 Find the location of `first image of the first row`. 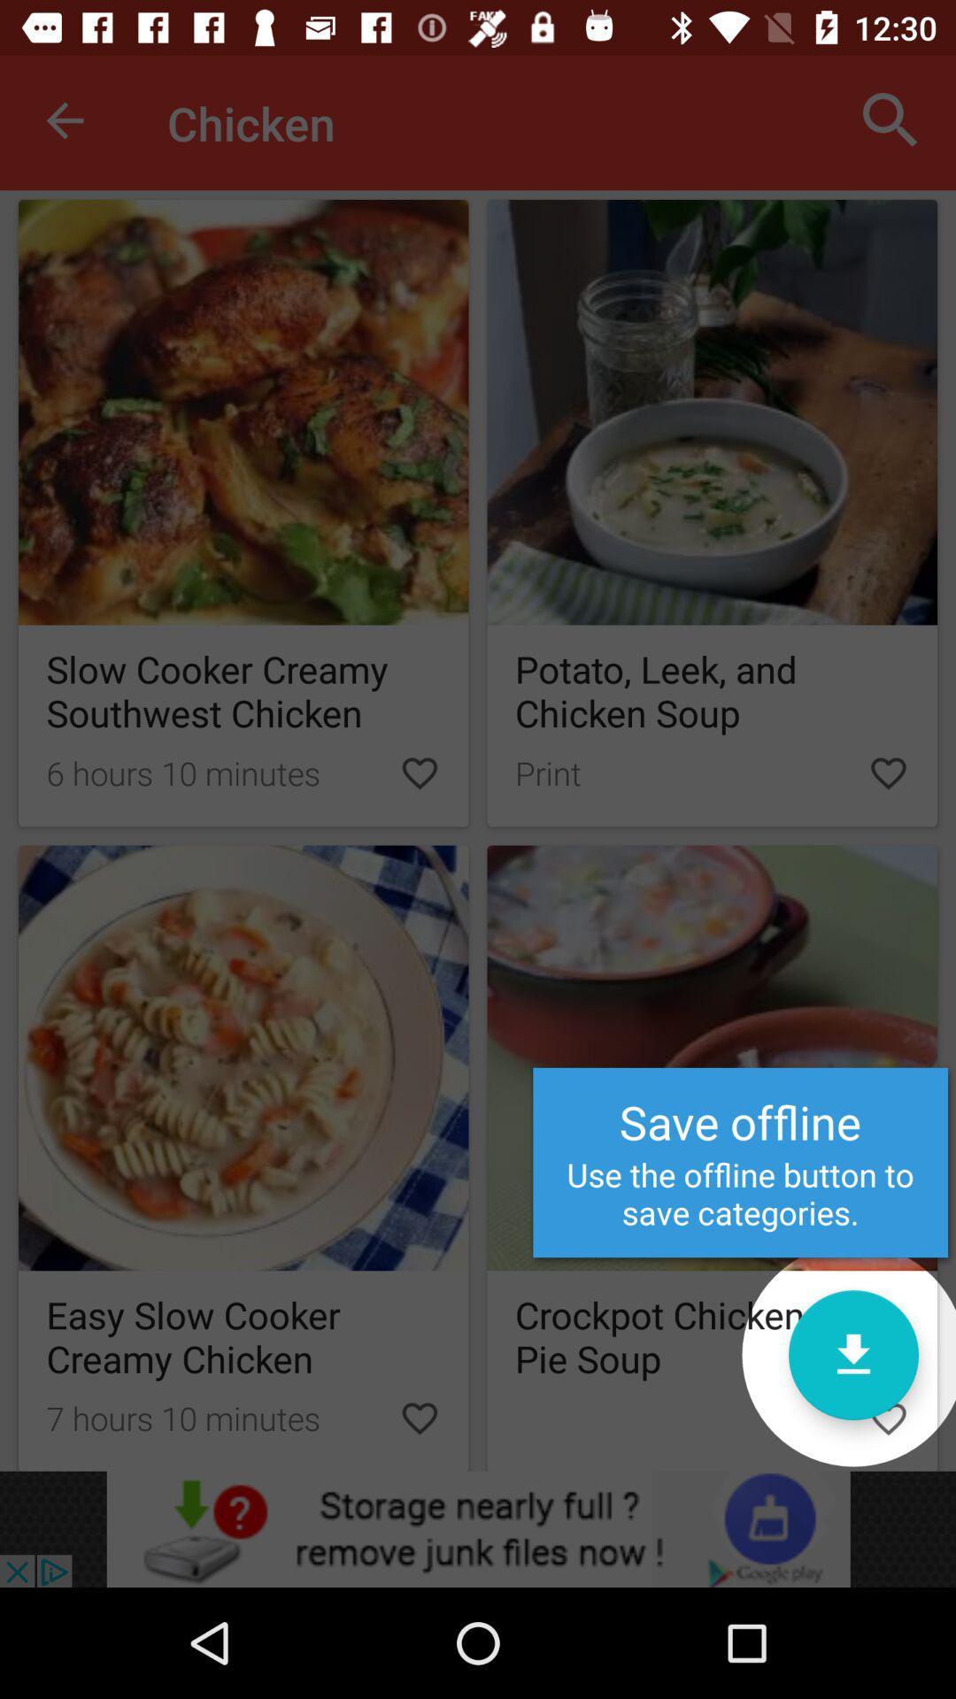

first image of the first row is located at coordinates (243, 411).